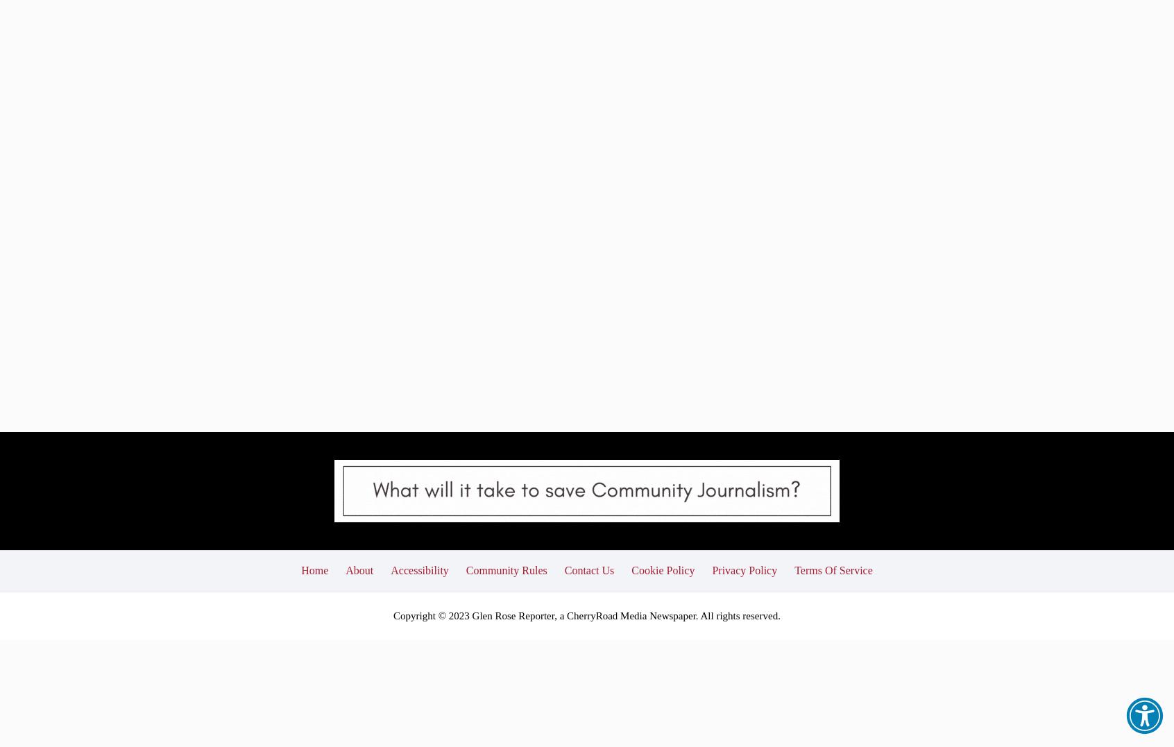  What do you see at coordinates (418, 463) in the screenshot?
I see `'Accessibility'` at bounding box center [418, 463].